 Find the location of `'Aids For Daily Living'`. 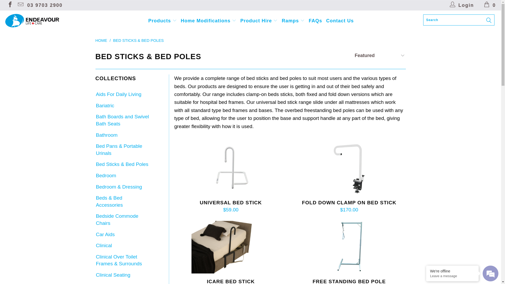

'Aids For Daily Living' is located at coordinates (118, 94).